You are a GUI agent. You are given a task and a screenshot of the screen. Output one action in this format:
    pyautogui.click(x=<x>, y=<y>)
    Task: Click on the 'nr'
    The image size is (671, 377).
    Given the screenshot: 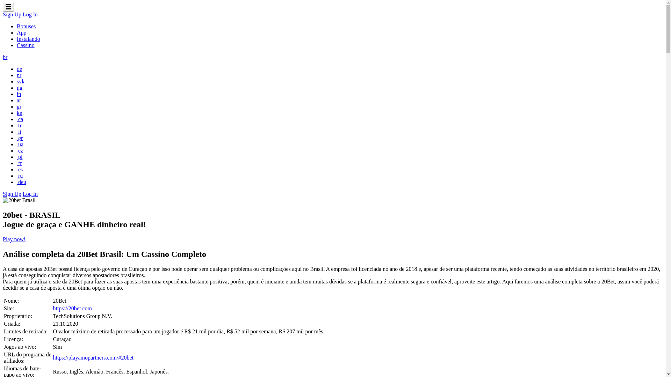 What is the action you would take?
    pyautogui.click(x=19, y=75)
    